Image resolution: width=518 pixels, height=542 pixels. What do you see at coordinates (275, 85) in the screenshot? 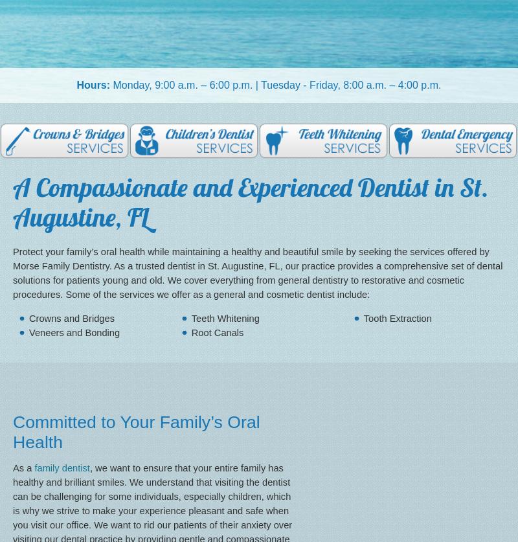
I see `'Monday, 9:00 a.m. – 6:00 p.m. | Tuesday - Friday, 8:00 a.m. – 4:00 p.m.'` at bounding box center [275, 85].